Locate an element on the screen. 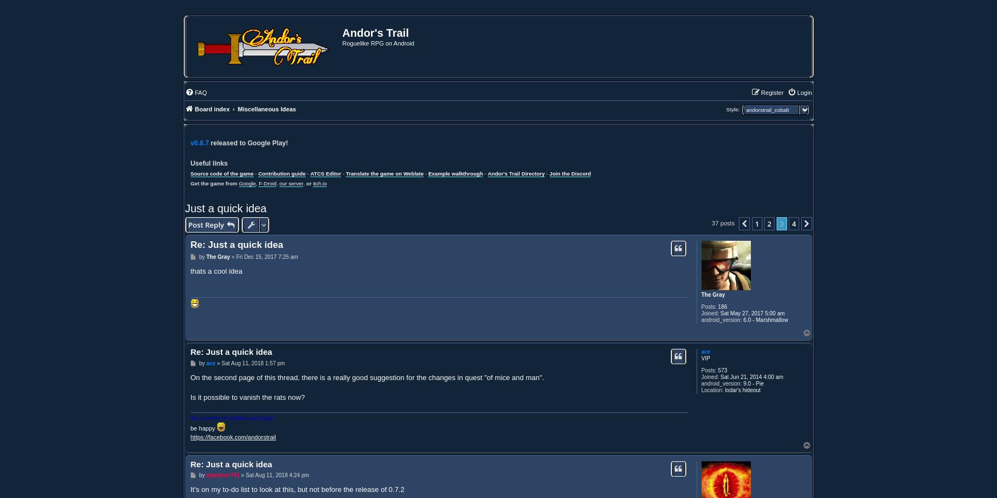 This screenshot has height=498, width=997. 'Fri Dec 15, 2017 7:25 am' is located at coordinates (266, 256).